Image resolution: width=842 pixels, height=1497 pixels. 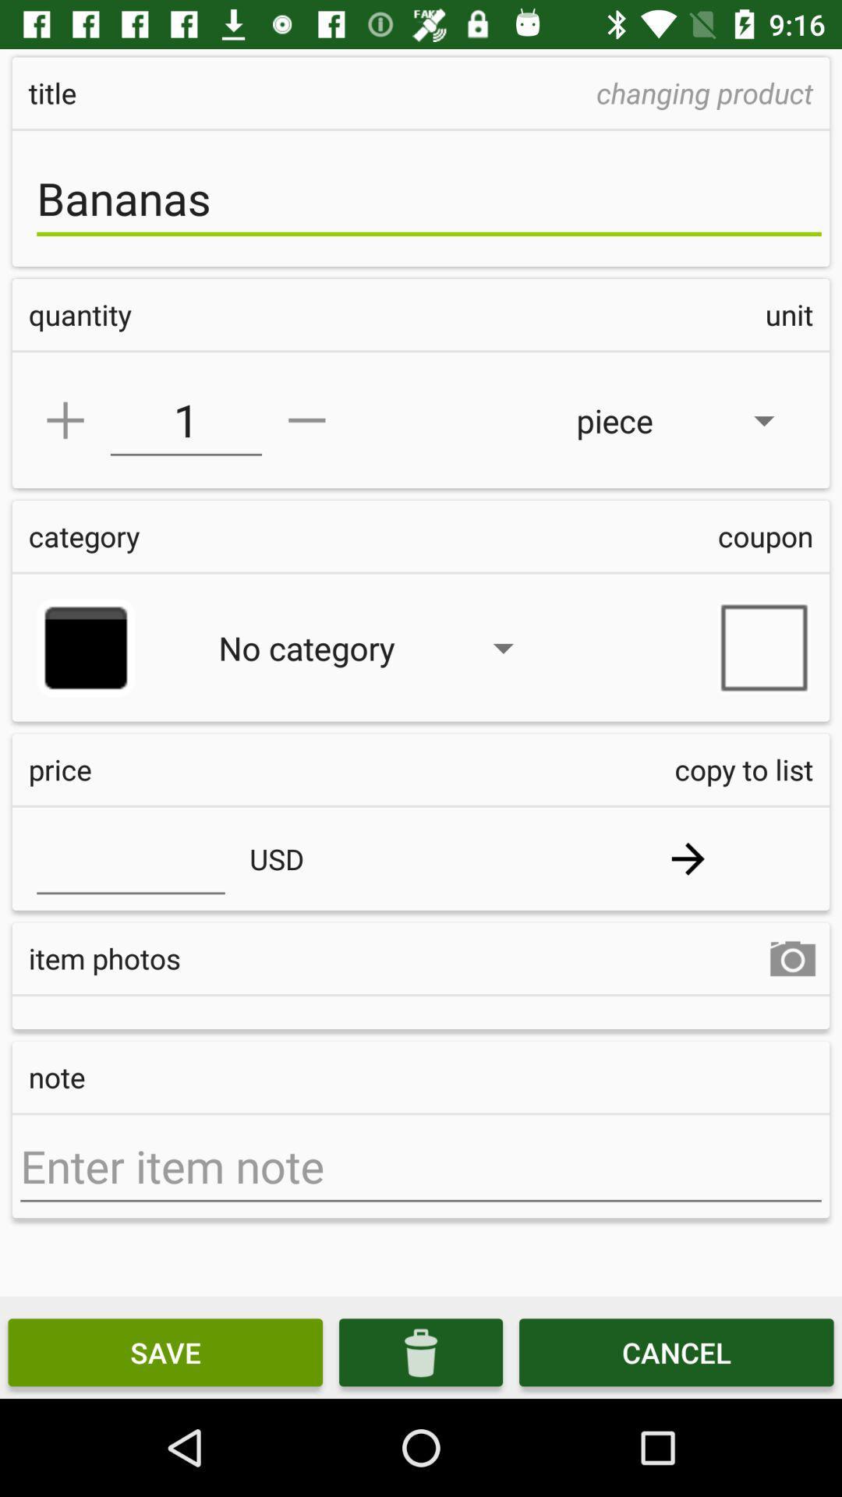 I want to click on price field, so click(x=130, y=858).